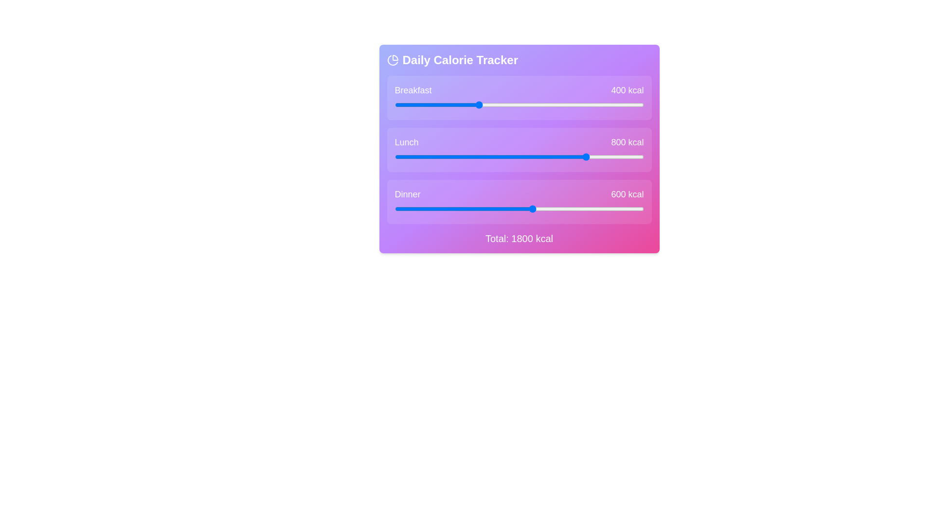 The image size is (934, 525). Describe the element at coordinates (562, 105) in the screenshot. I see `the calorie value for breakfast` at that location.